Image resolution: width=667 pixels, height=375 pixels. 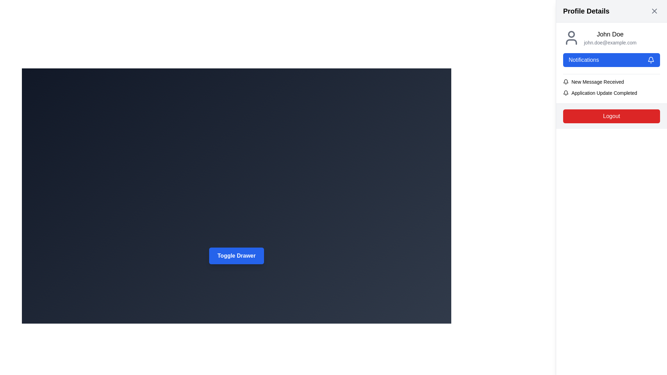 I want to click on text displayed in the notification element located in the right-hand sidebar under 'Notifications', which consists of a bell icon and relevant text, so click(x=611, y=81).